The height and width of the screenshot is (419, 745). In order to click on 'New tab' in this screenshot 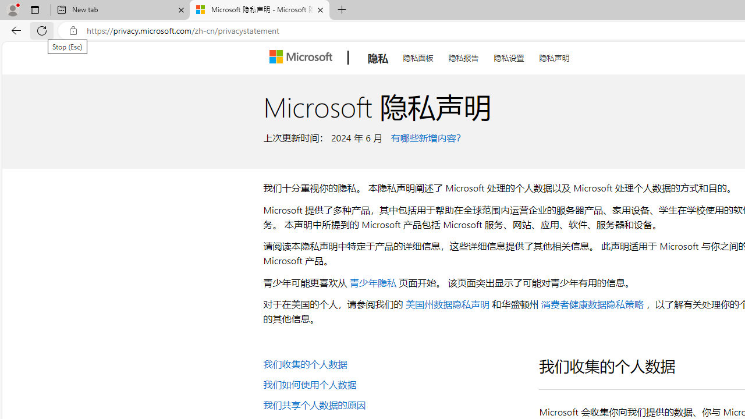, I will do `click(120, 10)`.